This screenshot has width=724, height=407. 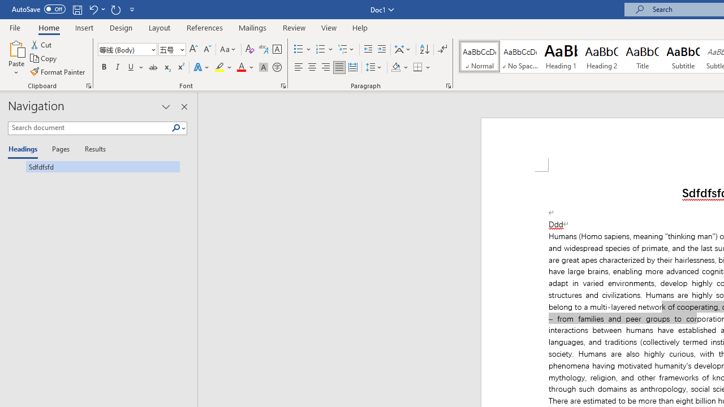 What do you see at coordinates (96, 9) in the screenshot?
I see `'Undo '` at bounding box center [96, 9].